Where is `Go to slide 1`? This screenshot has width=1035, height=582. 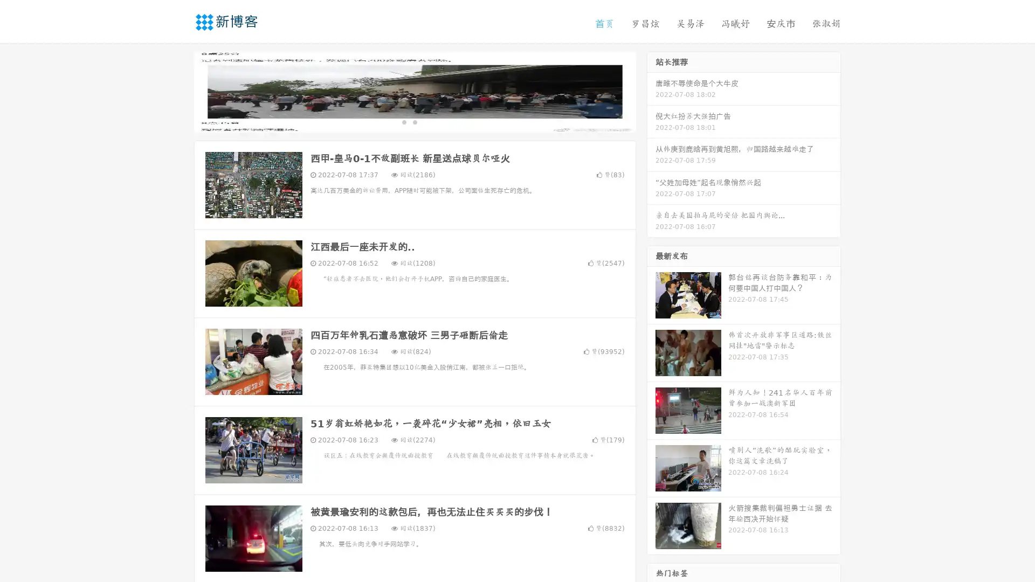
Go to slide 1 is located at coordinates (403, 121).